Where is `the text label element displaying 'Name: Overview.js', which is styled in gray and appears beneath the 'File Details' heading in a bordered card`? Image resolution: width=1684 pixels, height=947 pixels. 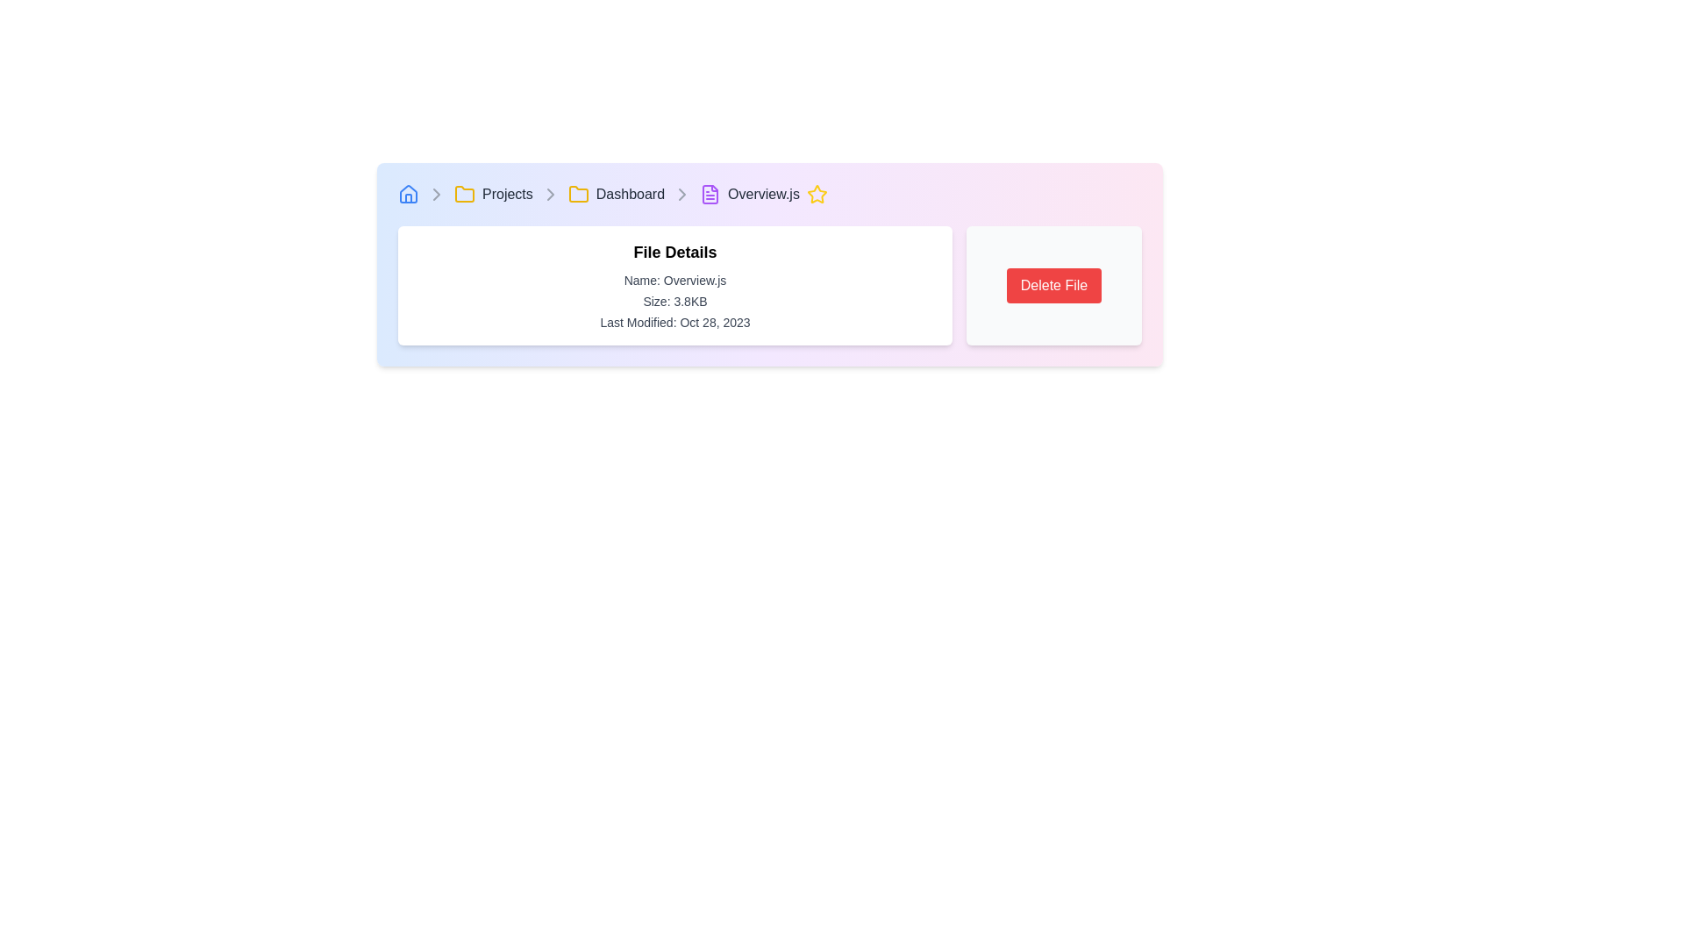
the text label element displaying 'Name: Overview.js', which is styled in gray and appears beneath the 'File Details' heading in a bordered card is located at coordinates (674, 280).